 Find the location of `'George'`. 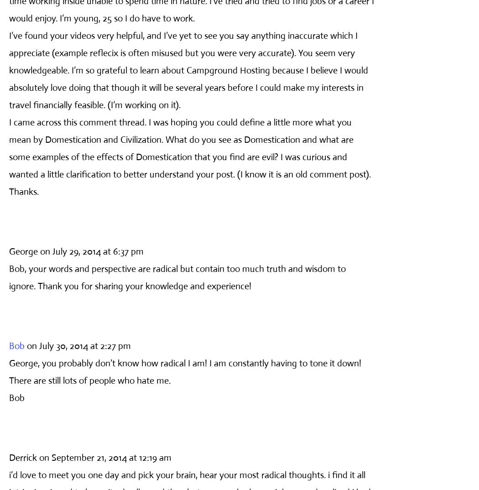

'George' is located at coordinates (23, 250).